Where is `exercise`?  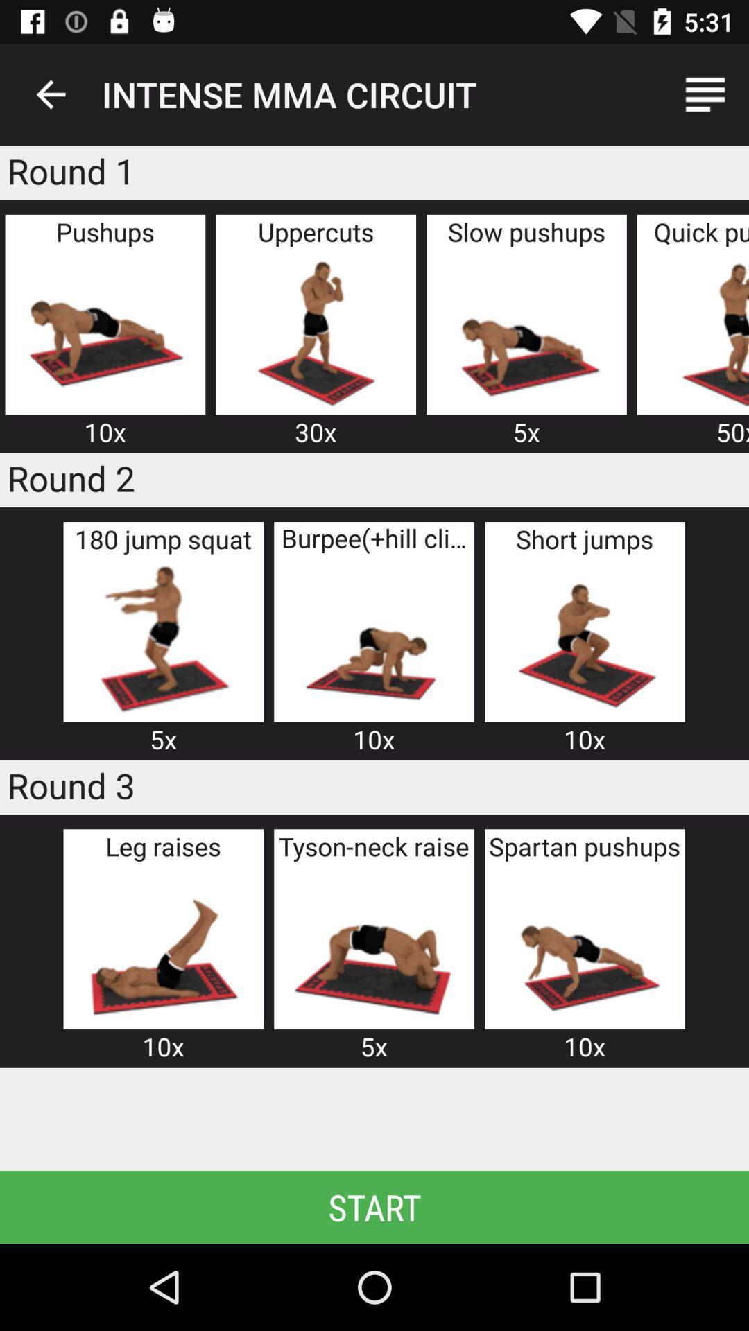
exercise is located at coordinates (585, 945).